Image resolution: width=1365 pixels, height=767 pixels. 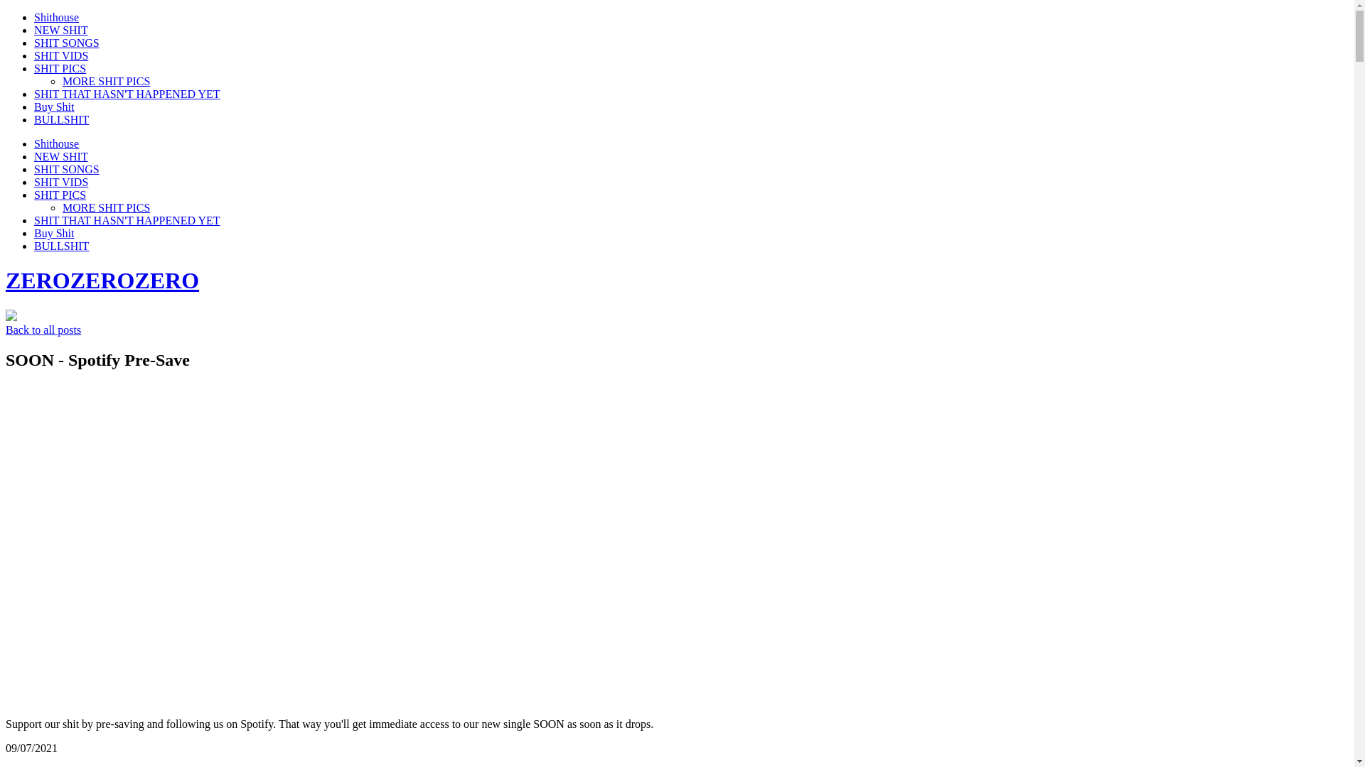 What do you see at coordinates (66, 42) in the screenshot?
I see `'SHIT SONGS'` at bounding box center [66, 42].